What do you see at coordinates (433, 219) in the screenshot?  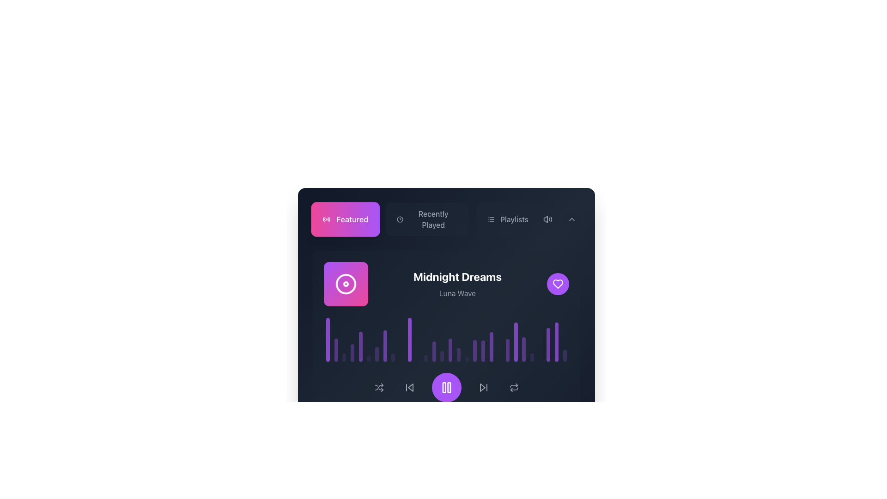 I see `the 'Recently Played' label in the top navigation bar, which is styled with a medium font weight in white or light gray against a dark background` at bounding box center [433, 219].